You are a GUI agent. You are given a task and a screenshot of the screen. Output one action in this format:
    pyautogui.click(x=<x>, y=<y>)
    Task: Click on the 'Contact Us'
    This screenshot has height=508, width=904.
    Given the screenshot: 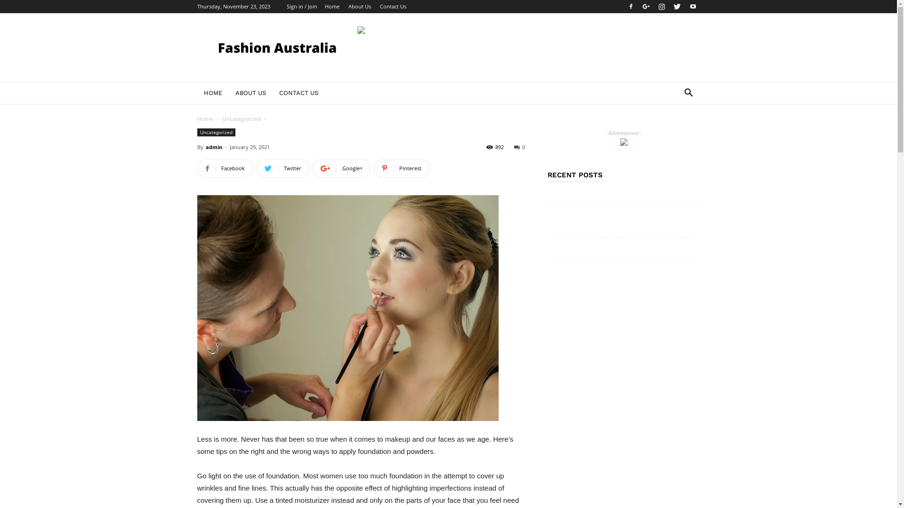 What is the action you would take?
    pyautogui.click(x=393, y=6)
    